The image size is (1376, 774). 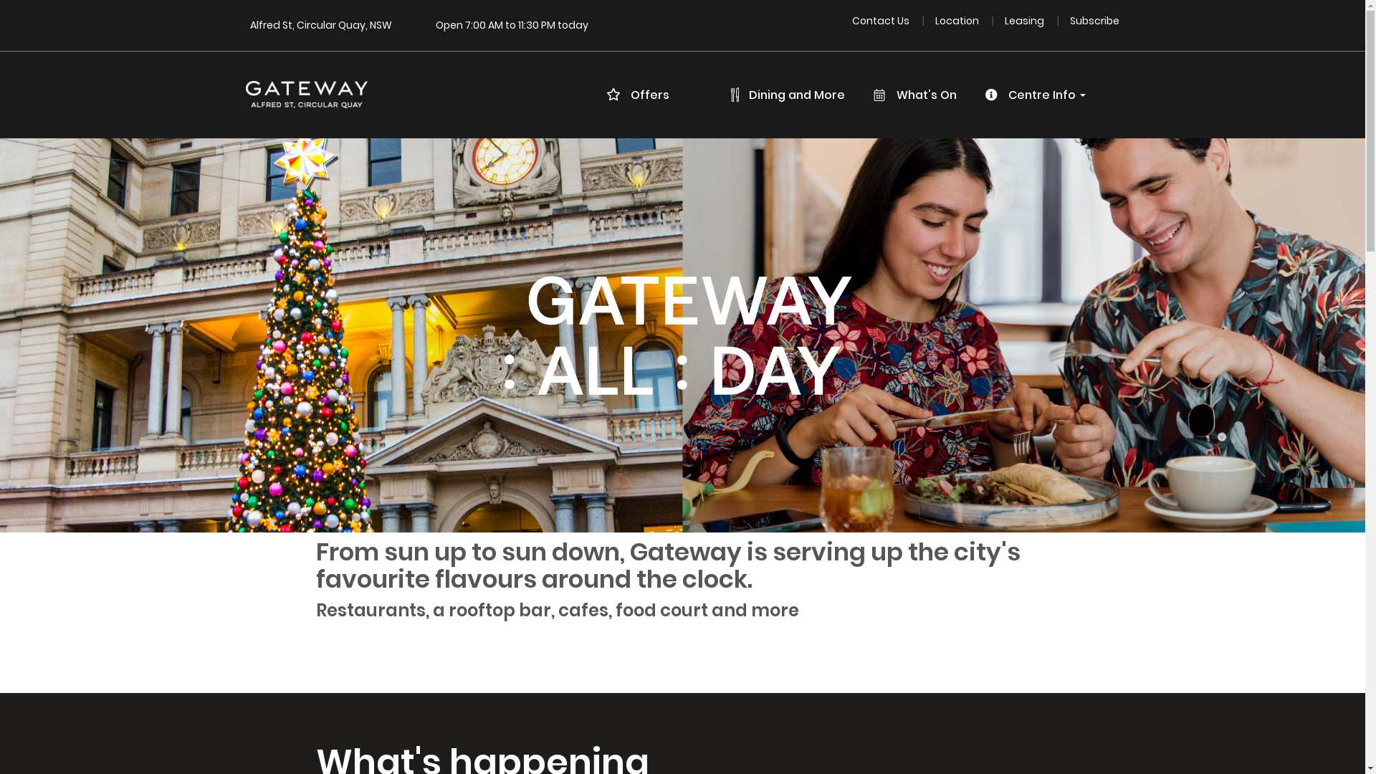 What do you see at coordinates (512, 24) in the screenshot?
I see `'Open 7:00 AM to 11:30 PM today'` at bounding box center [512, 24].